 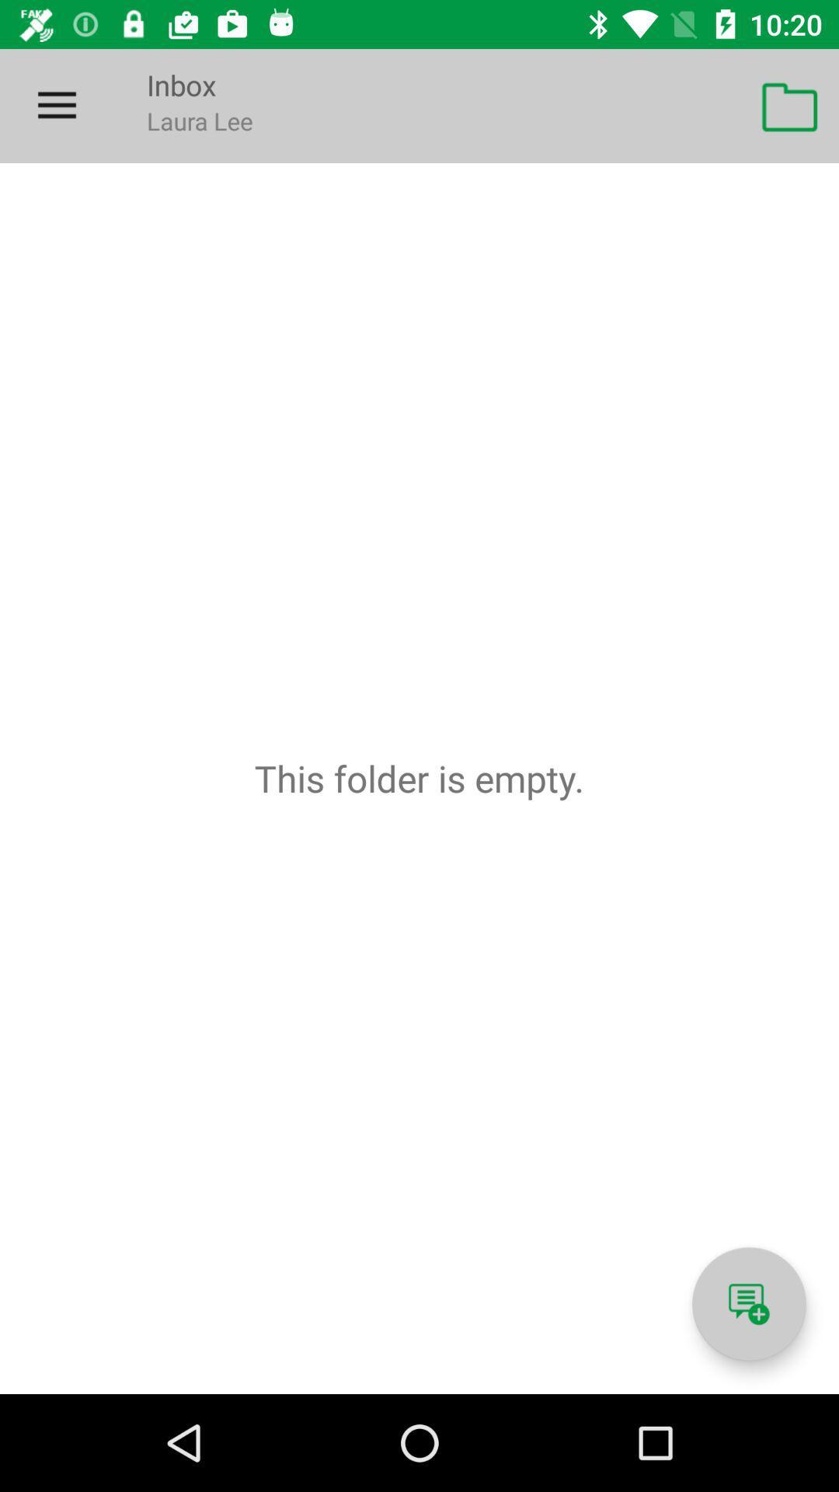 I want to click on open chat, so click(x=748, y=1304).